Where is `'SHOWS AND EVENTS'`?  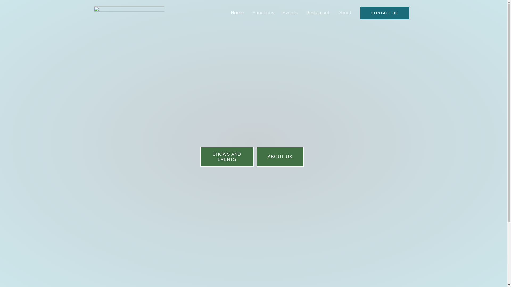
'SHOWS AND EVENTS' is located at coordinates (226, 157).